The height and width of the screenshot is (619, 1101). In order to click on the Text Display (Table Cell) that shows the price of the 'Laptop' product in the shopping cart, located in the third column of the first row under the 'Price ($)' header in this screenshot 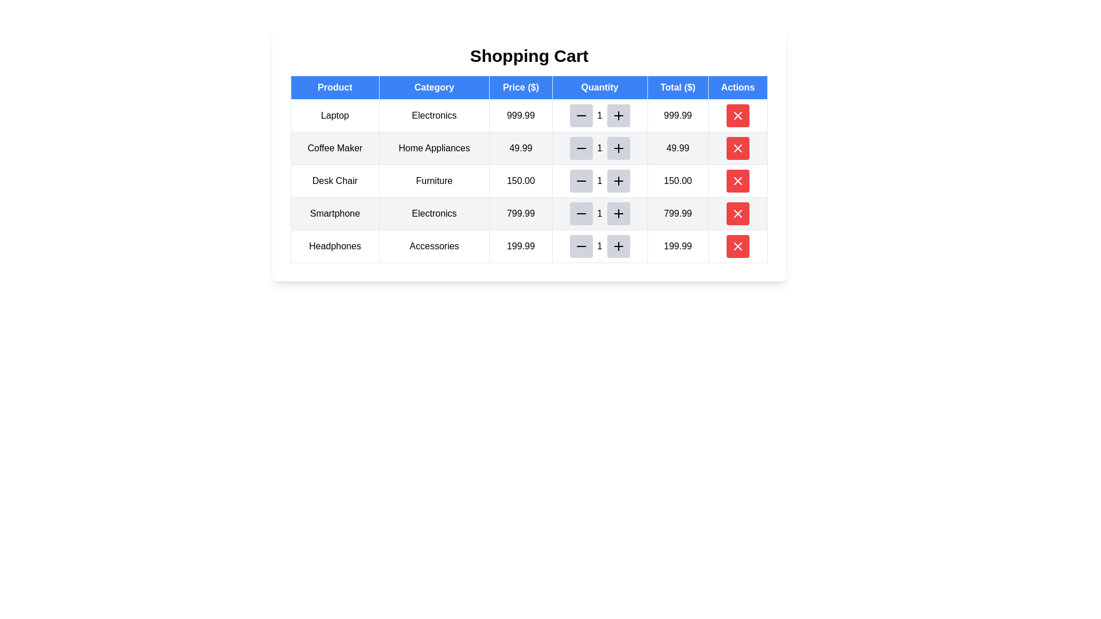, I will do `click(520, 115)`.